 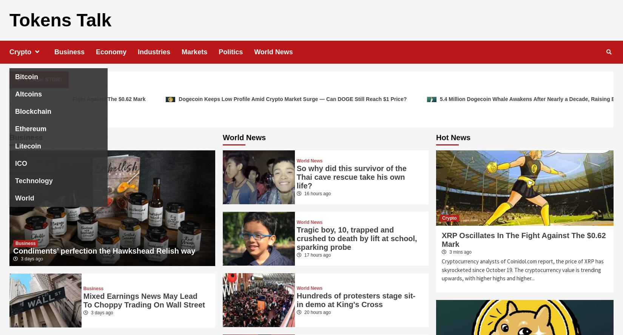 I want to click on 'Flash Story', so click(x=25, y=79).